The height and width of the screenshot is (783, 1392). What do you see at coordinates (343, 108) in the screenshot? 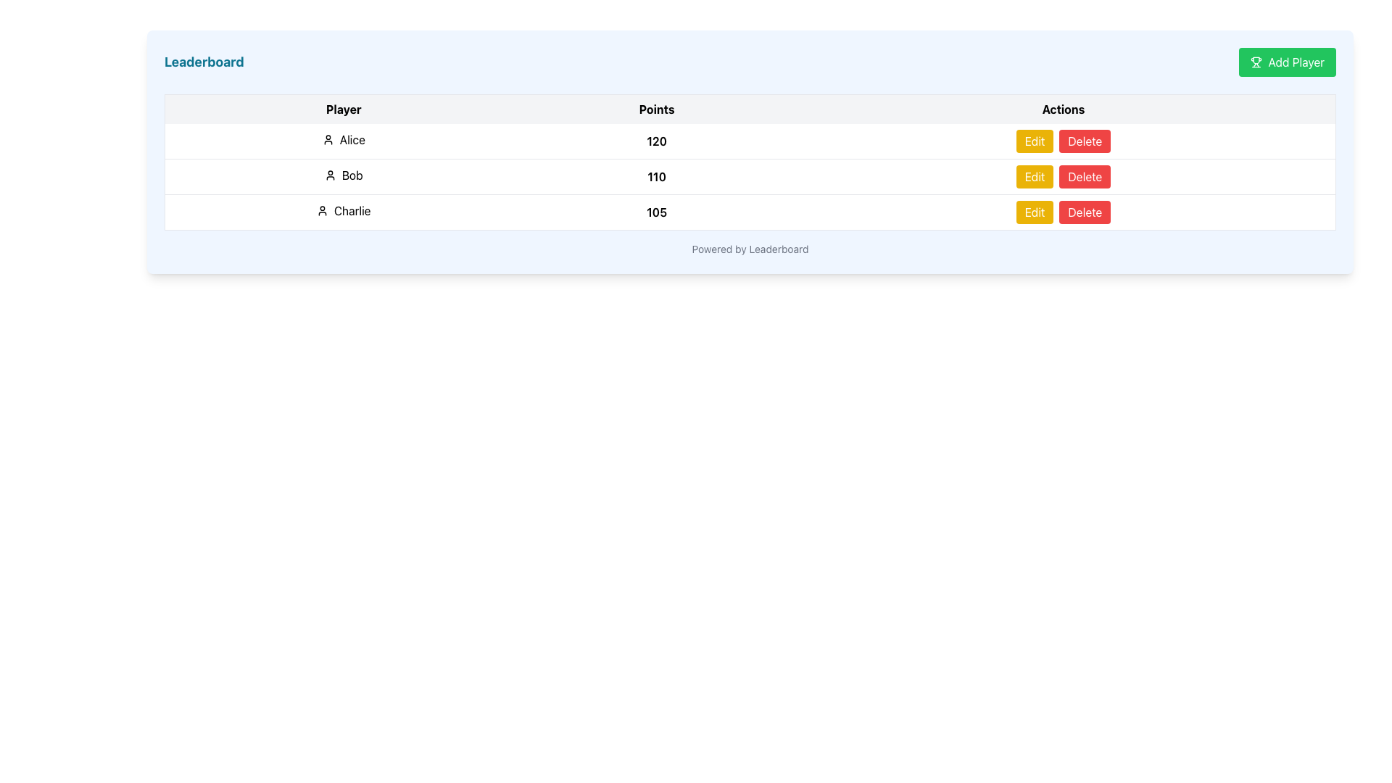
I see `the text label displaying 'Player', which is styled in bold black font on a light gray background and is the first label in a header row` at bounding box center [343, 108].